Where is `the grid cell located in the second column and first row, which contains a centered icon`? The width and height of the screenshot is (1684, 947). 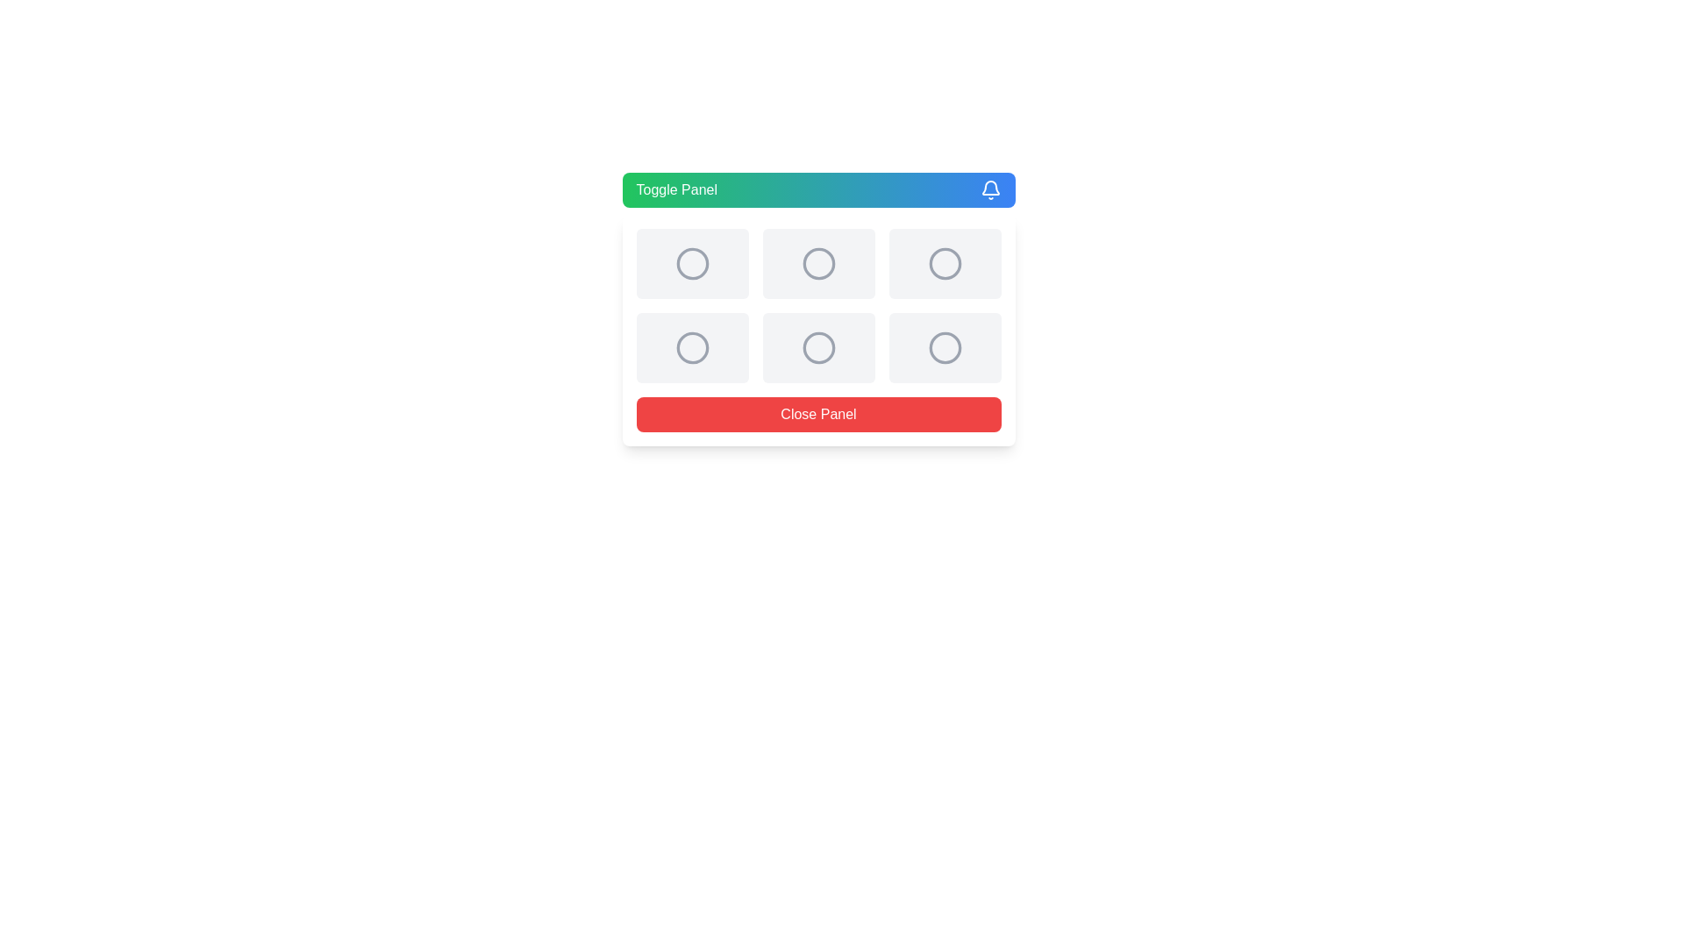 the grid cell located in the second column and first row, which contains a centered icon is located at coordinates (817, 263).